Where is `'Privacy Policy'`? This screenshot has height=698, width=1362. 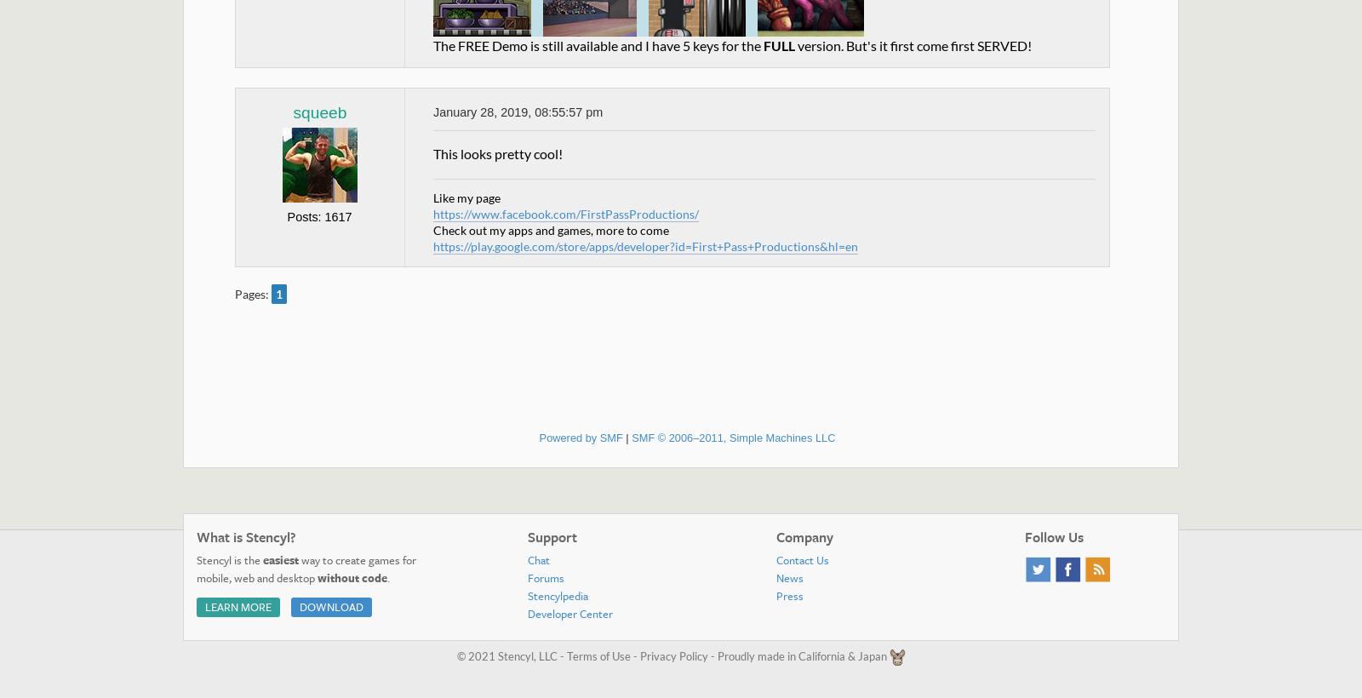
'Privacy Policy' is located at coordinates (673, 654).